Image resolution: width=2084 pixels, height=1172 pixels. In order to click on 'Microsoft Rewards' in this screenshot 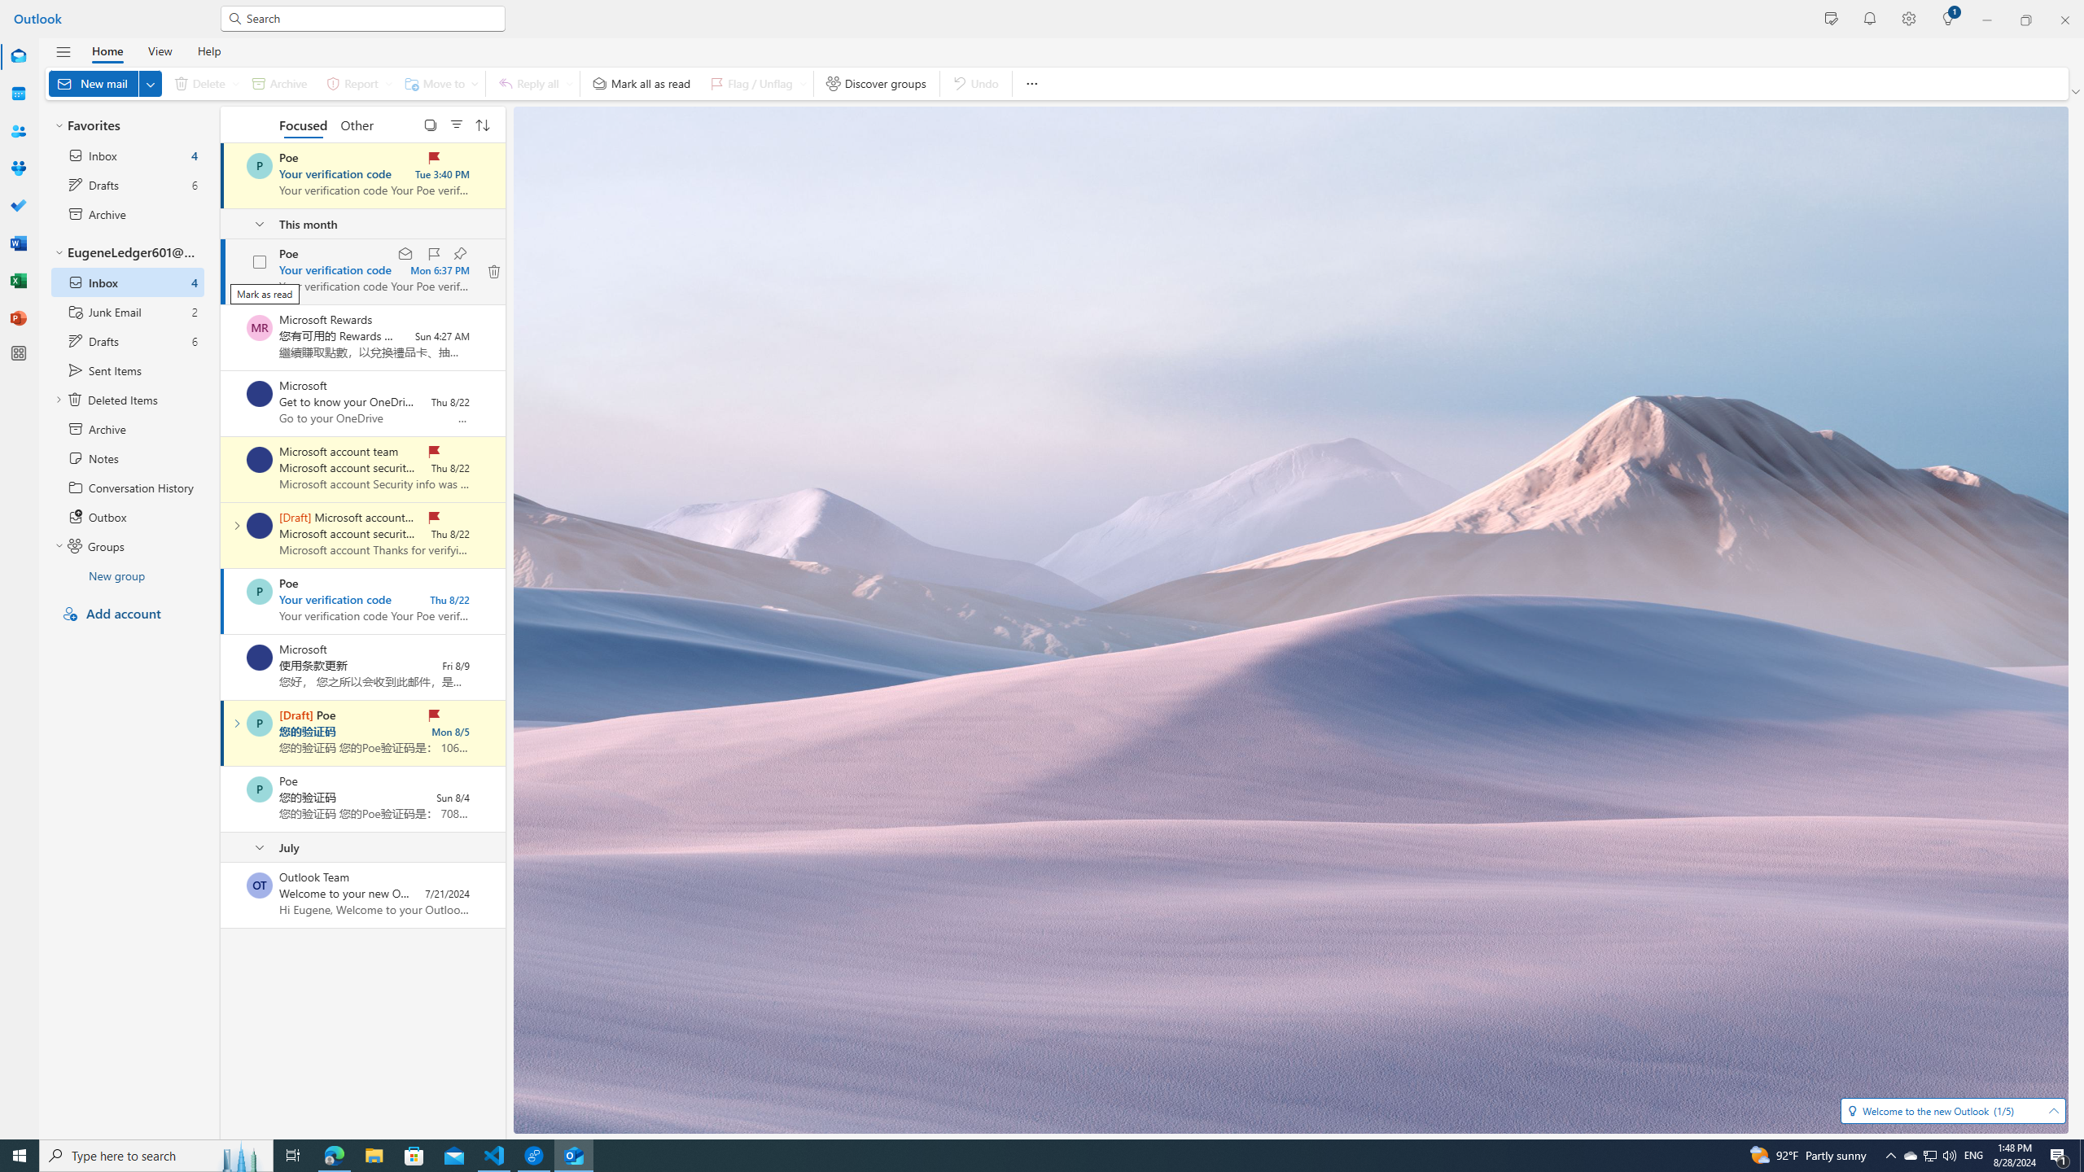, I will do `click(258, 327)`.